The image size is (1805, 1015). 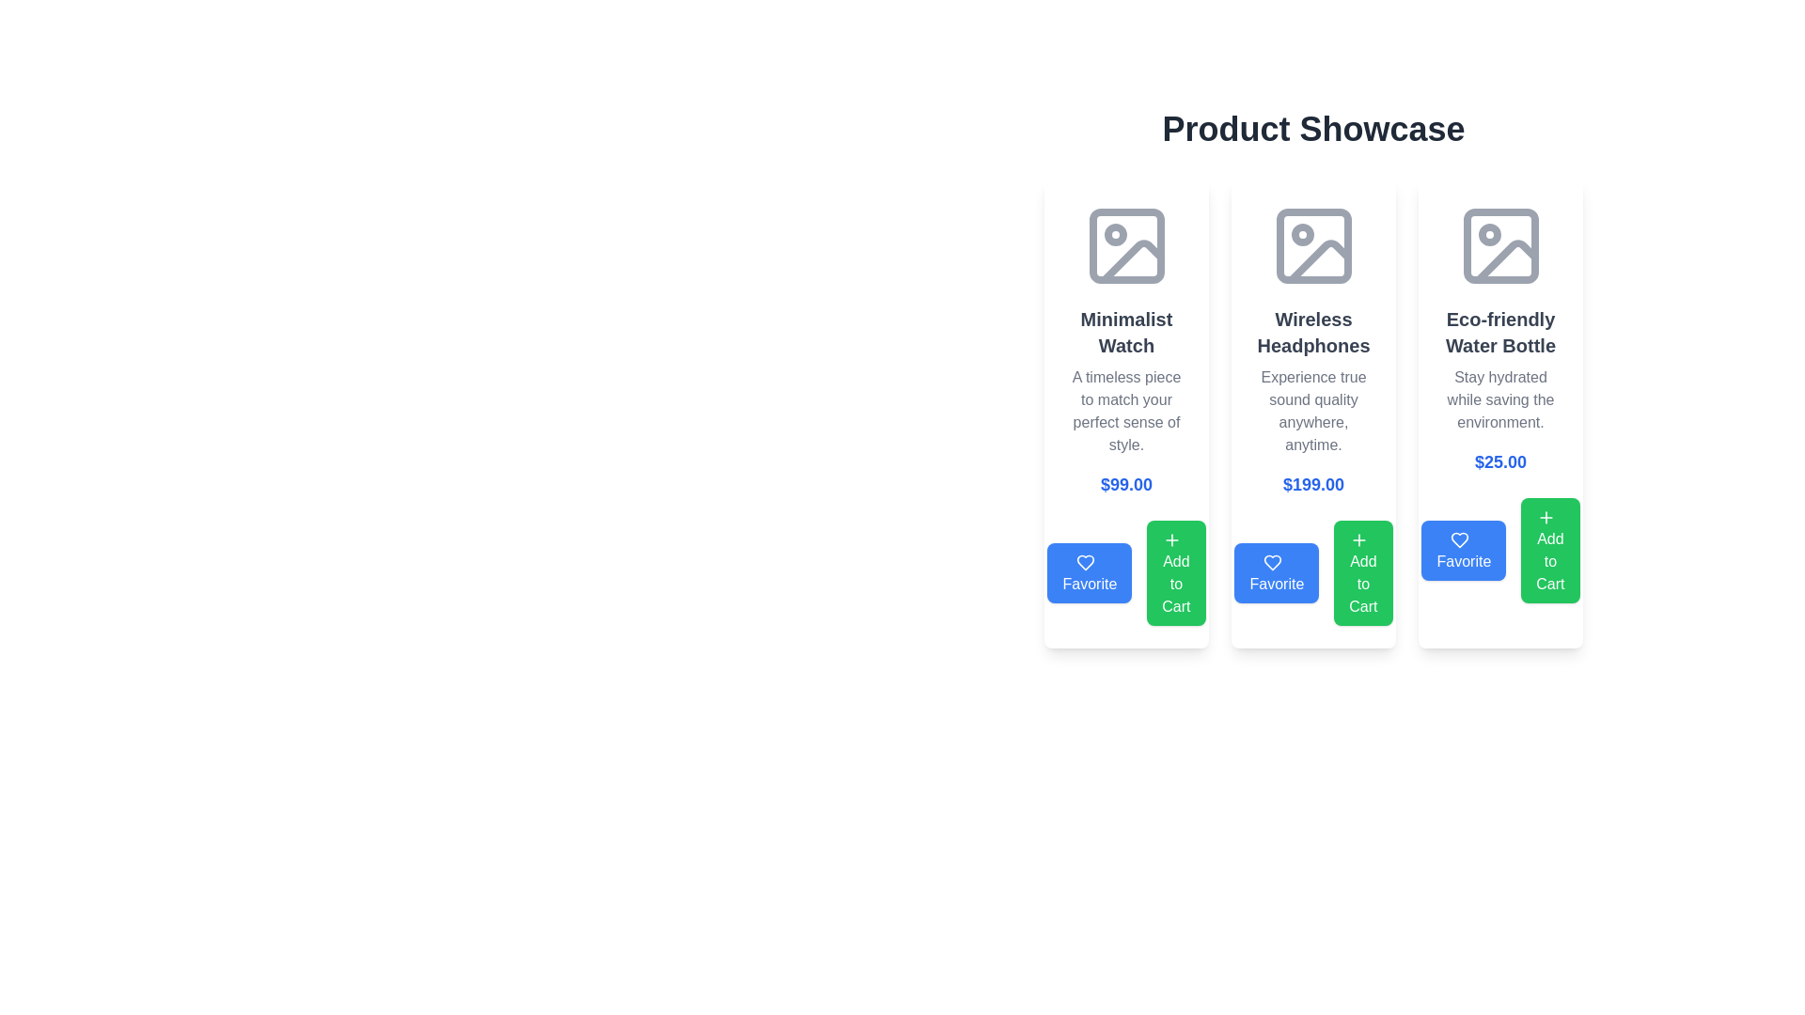 I want to click on the placeholder image icon for the 'Eco-friendly Water Bottle' card, which is located at the top of the card, above the product title, so click(x=1499, y=245).